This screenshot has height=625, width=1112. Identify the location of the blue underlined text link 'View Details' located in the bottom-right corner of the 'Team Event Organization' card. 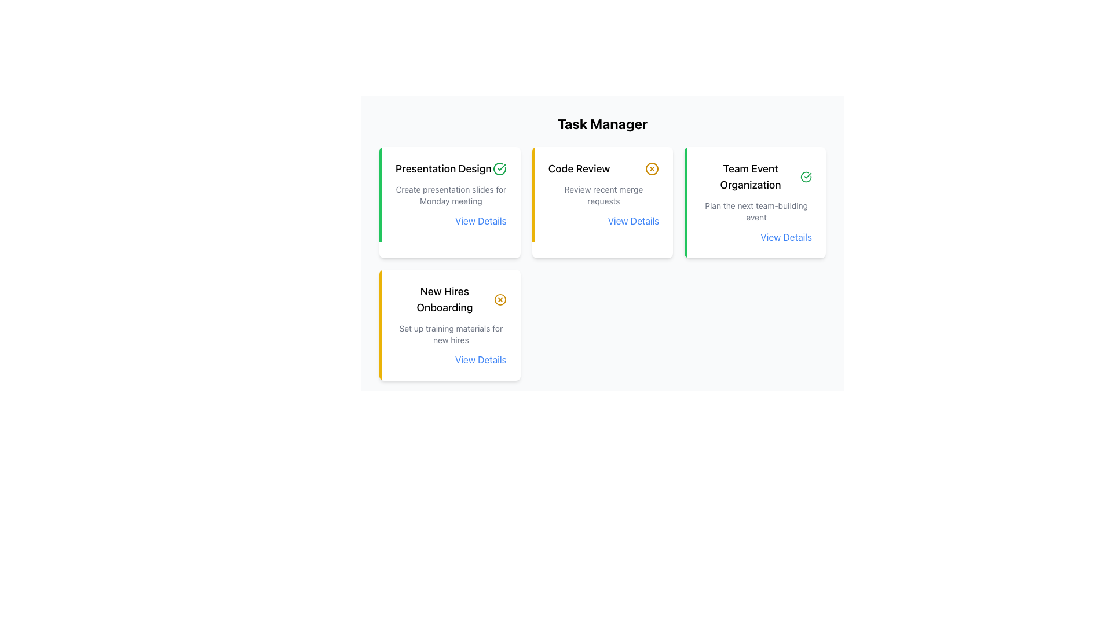
(756, 236).